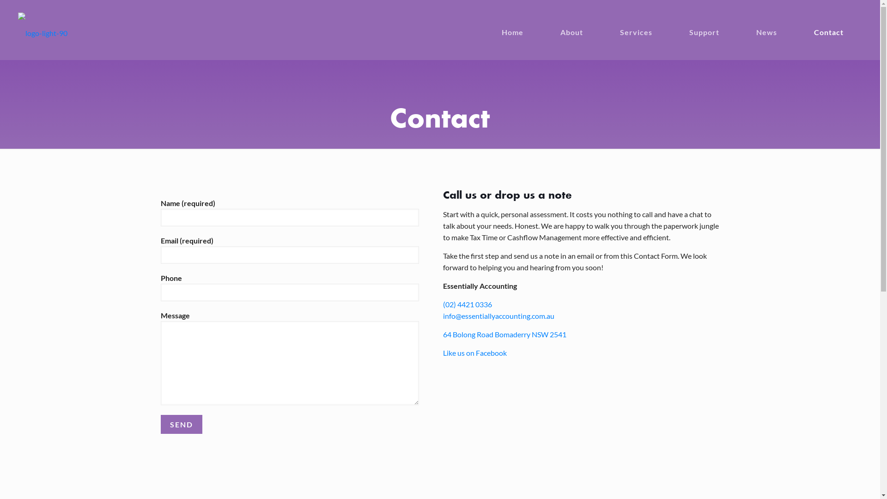 Image resolution: width=887 pixels, height=499 pixels. I want to click on 'About', so click(580, 24).